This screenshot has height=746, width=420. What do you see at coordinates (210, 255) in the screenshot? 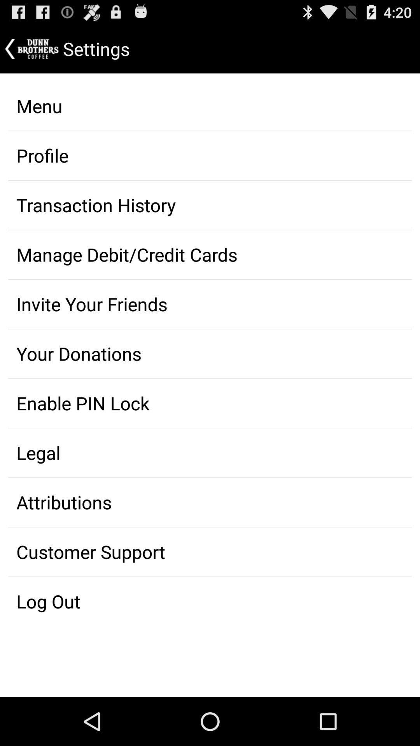
I see `manage debitcredit cards on the page` at bounding box center [210, 255].